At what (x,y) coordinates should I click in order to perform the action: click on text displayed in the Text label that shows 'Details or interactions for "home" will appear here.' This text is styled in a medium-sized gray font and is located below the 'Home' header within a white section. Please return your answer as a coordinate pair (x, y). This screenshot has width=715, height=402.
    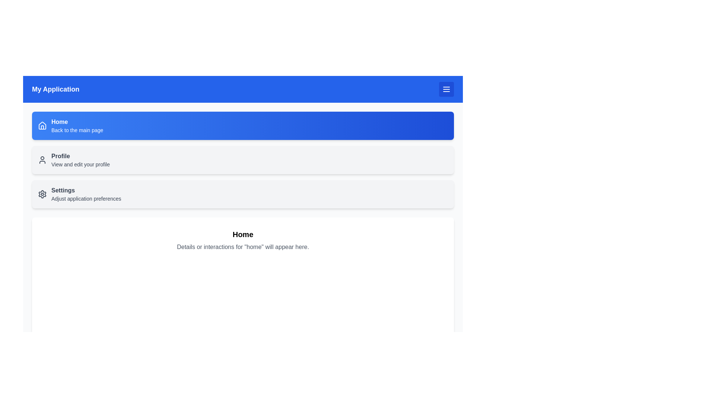
    Looking at the image, I should click on (243, 247).